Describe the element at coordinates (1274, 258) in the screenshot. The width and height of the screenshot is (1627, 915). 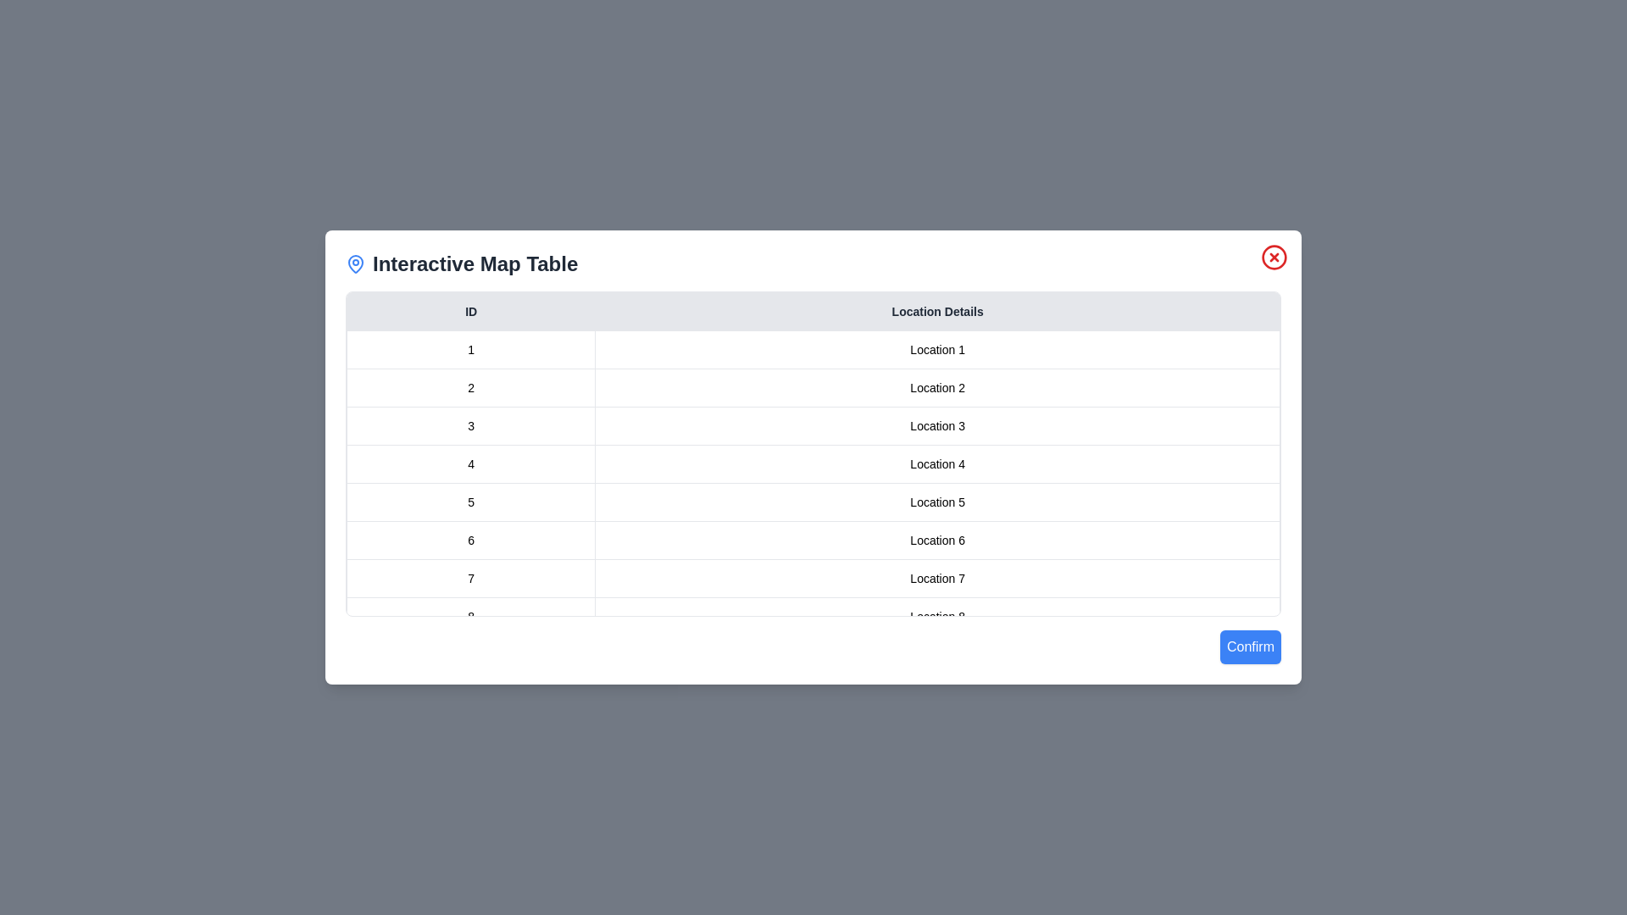
I see `close button in the top-right corner of the dialog` at that location.